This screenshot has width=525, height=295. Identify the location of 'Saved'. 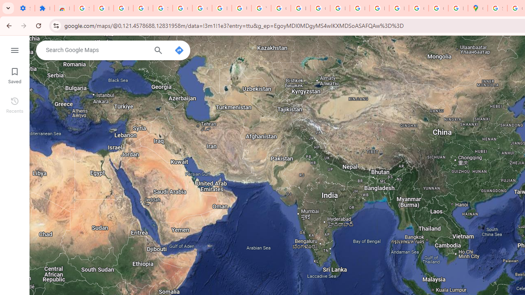
(14, 75).